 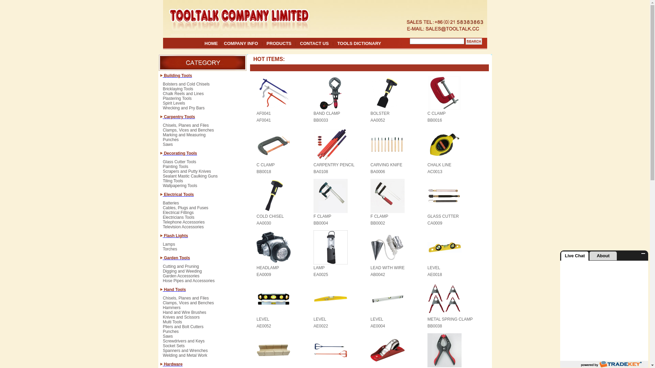 I want to click on 'TOOLS DICTIONARY', so click(x=359, y=43).